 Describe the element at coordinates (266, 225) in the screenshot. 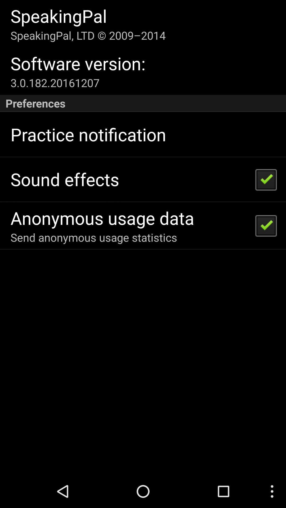

I see `second check box` at that location.